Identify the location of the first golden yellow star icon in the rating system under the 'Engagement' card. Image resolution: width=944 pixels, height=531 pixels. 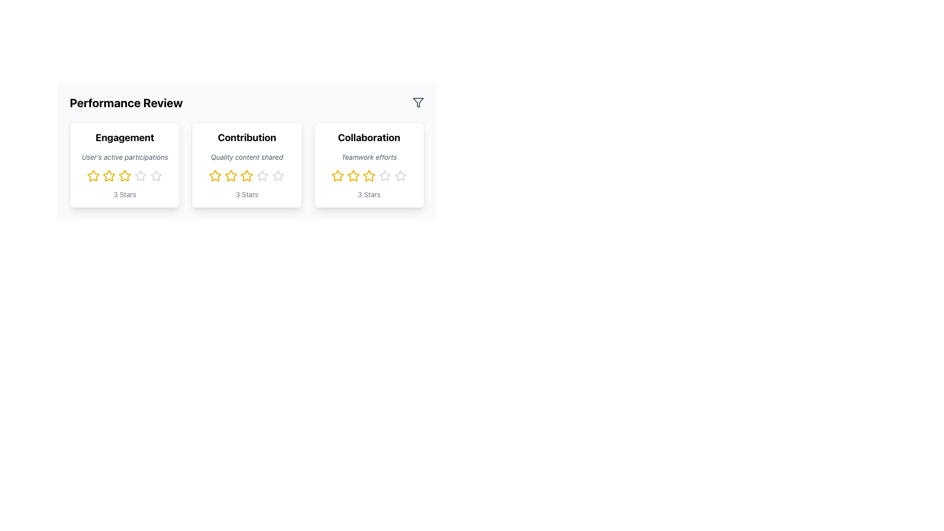
(93, 175).